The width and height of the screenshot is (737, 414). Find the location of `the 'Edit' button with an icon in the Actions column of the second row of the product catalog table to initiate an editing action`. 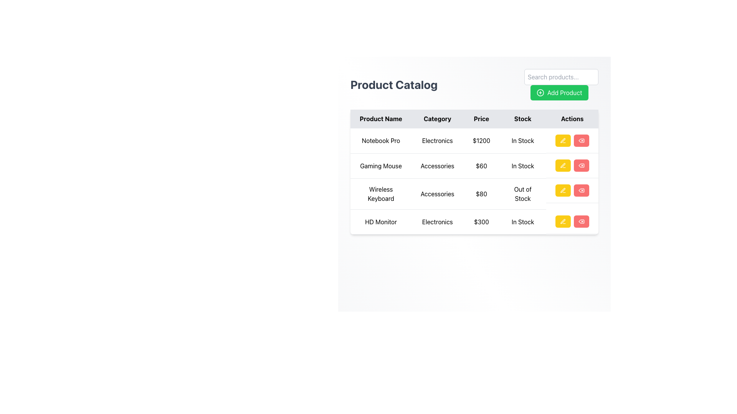

the 'Edit' button with an icon in the Actions column of the second row of the product catalog table to initiate an editing action is located at coordinates (563, 165).